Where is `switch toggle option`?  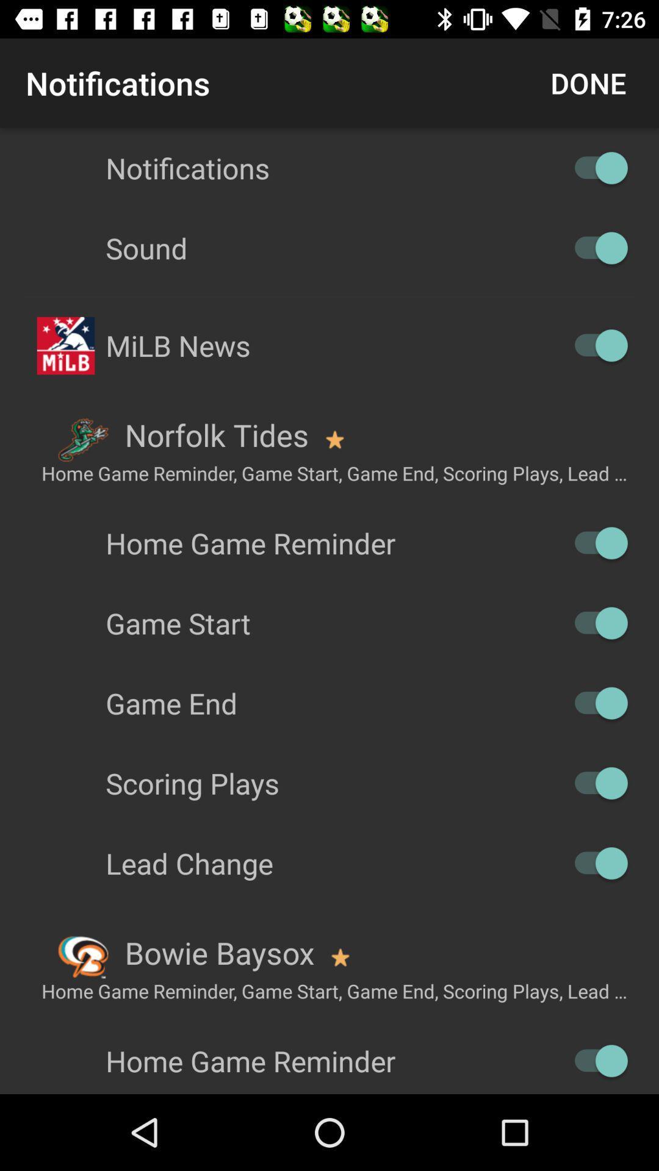 switch toggle option is located at coordinates (594, 167).